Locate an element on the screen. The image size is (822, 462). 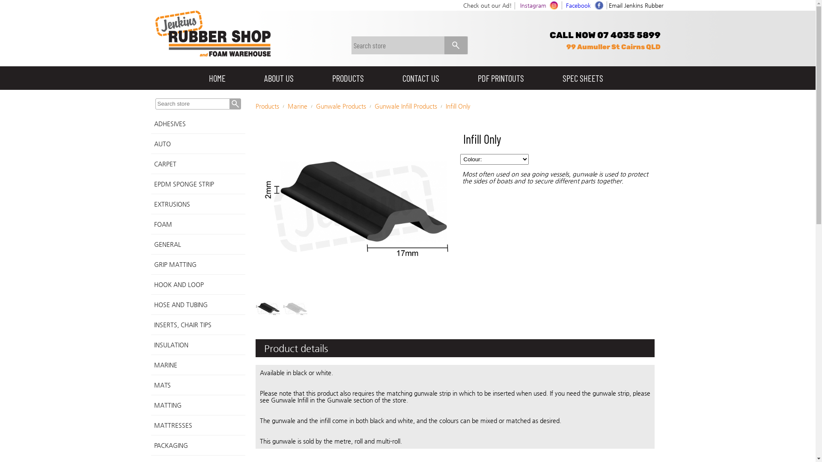
'FOAM' is located at coordinates (197, 224).